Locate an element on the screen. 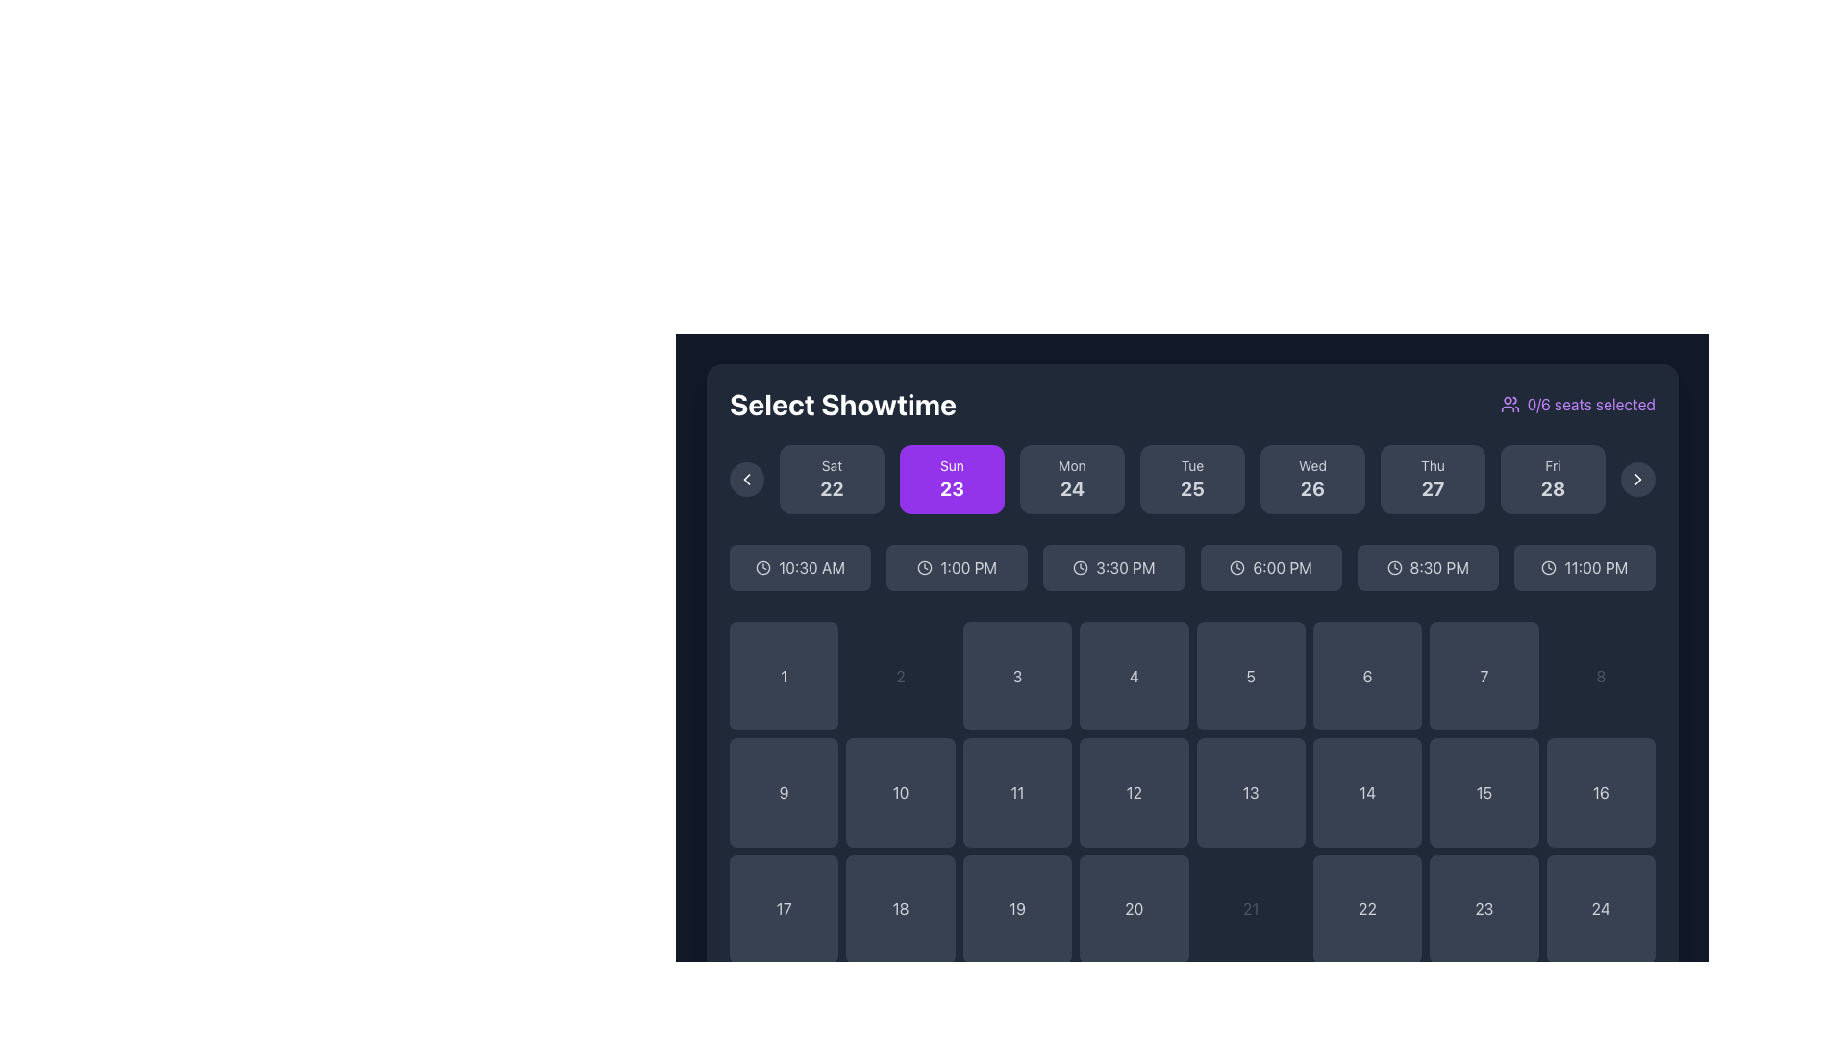 The height and width of the screenshot is (1038, 1846). the button for 1:00 PM is located at coordinates (957, 566).